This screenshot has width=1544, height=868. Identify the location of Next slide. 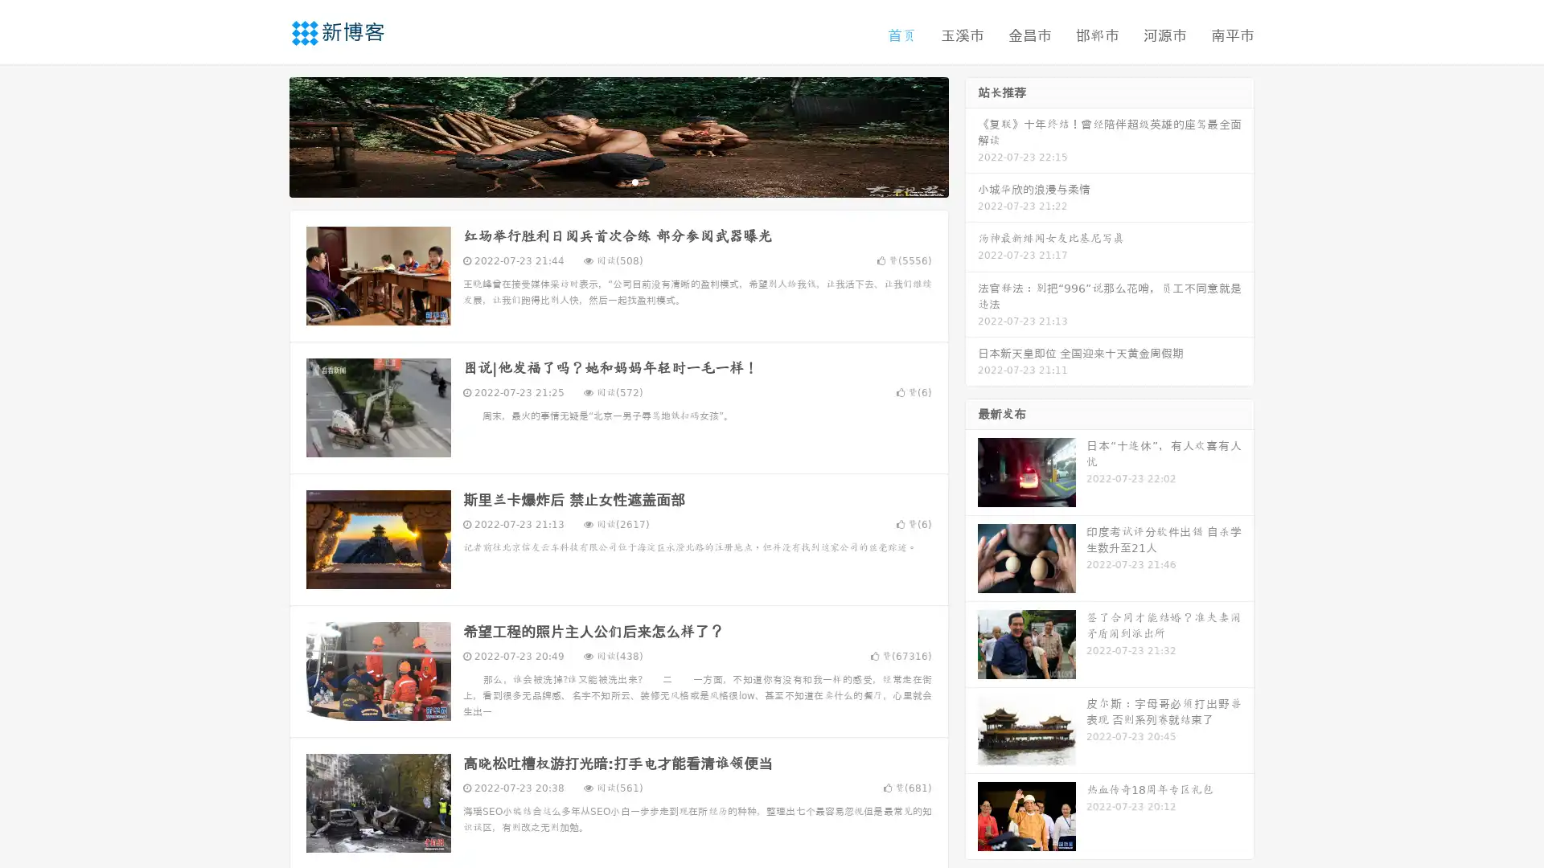
(971, 135).